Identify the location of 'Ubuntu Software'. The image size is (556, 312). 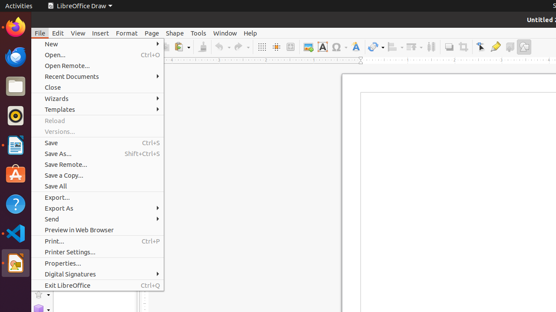
(15, 175).